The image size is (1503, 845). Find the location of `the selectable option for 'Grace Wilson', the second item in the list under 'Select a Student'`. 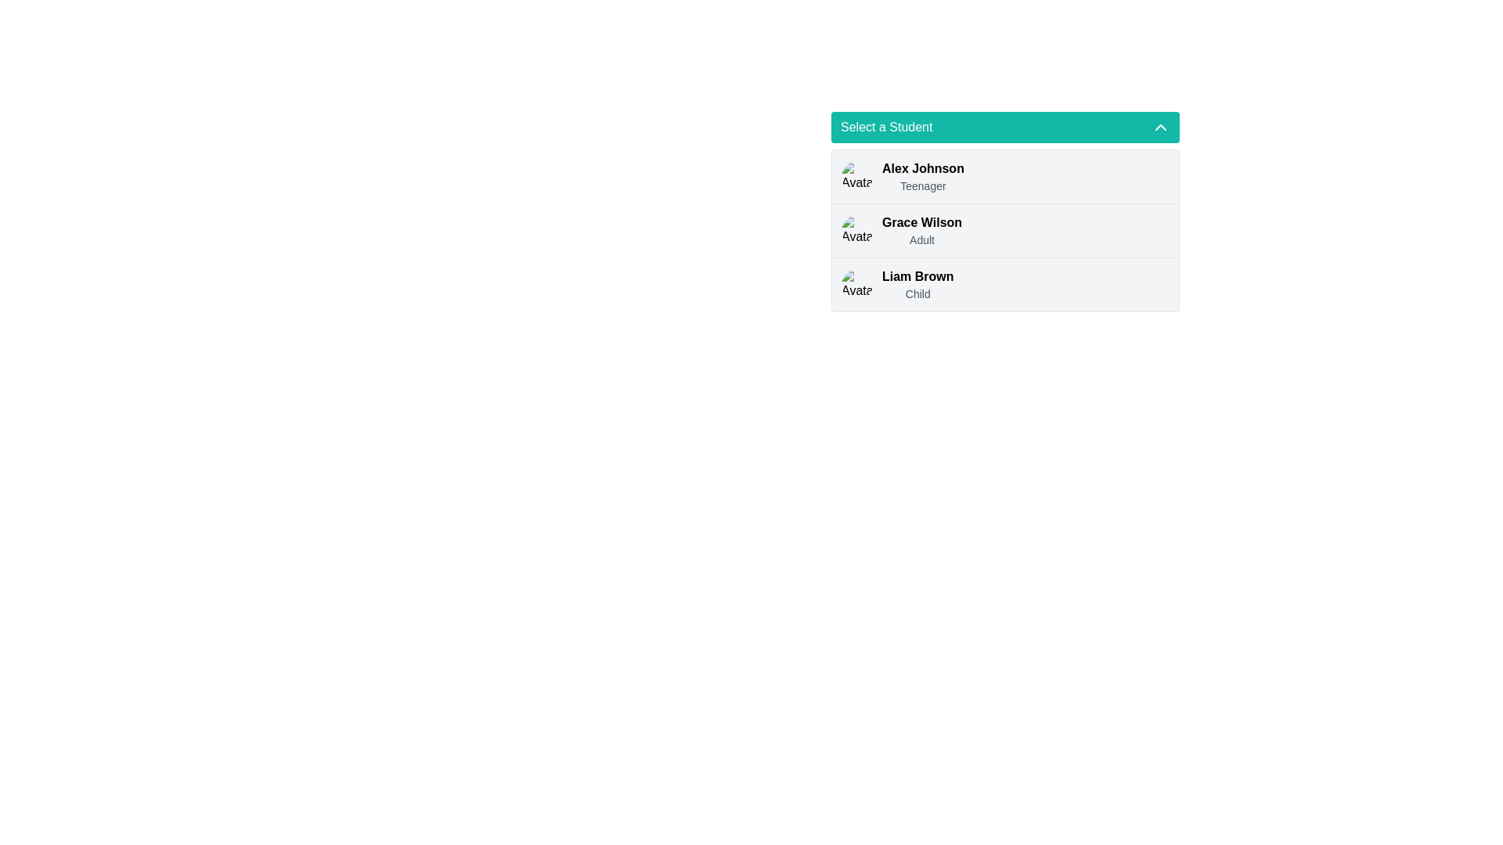

the selectable option for 'Grace Wilson', the second item in the list under 'Select a Student' is located at coordinates (1005, 230).